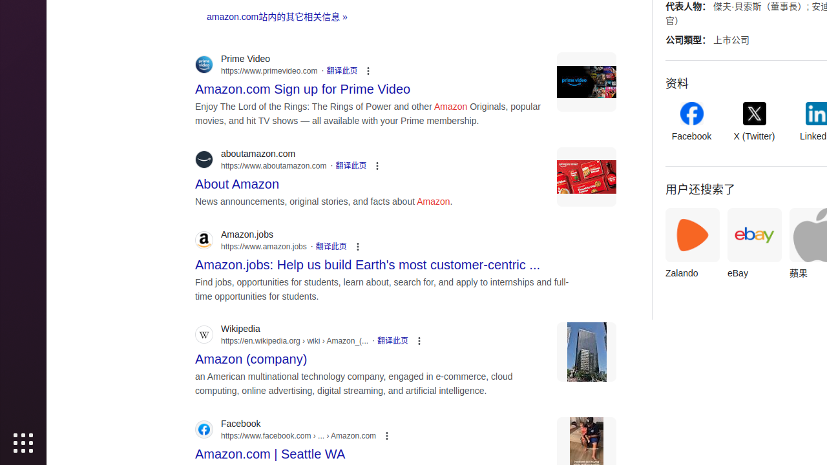 This screenshot has width=827, height=465. Describe the element at coordinates (23, 442) in the screenshot. I see `'Show Applications'` at that location.